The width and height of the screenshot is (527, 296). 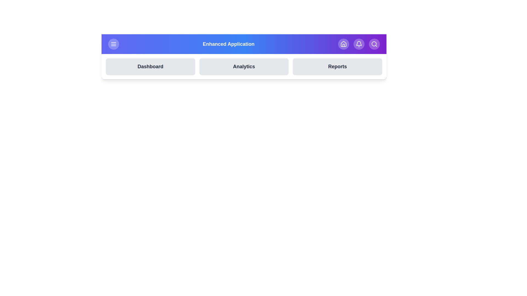 What do you see at coordinates (374, 44) in the screenshot?
I see `the 'Search' icon button` at bounding box center [374, 44].